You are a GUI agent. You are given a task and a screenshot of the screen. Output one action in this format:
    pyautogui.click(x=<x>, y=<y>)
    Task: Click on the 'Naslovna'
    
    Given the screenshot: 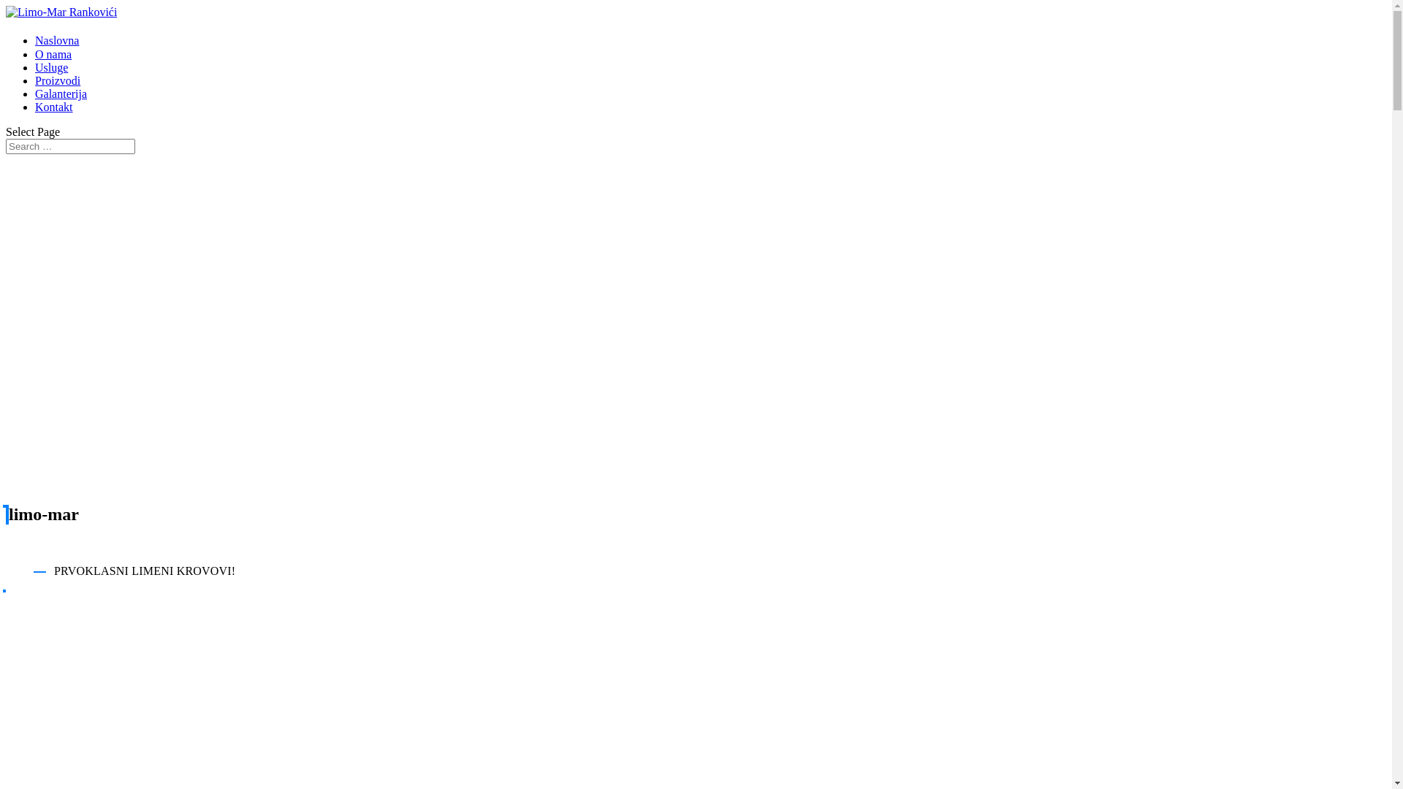 What is the action you would take?
    pyautogui.click(x=56, y=39)
    